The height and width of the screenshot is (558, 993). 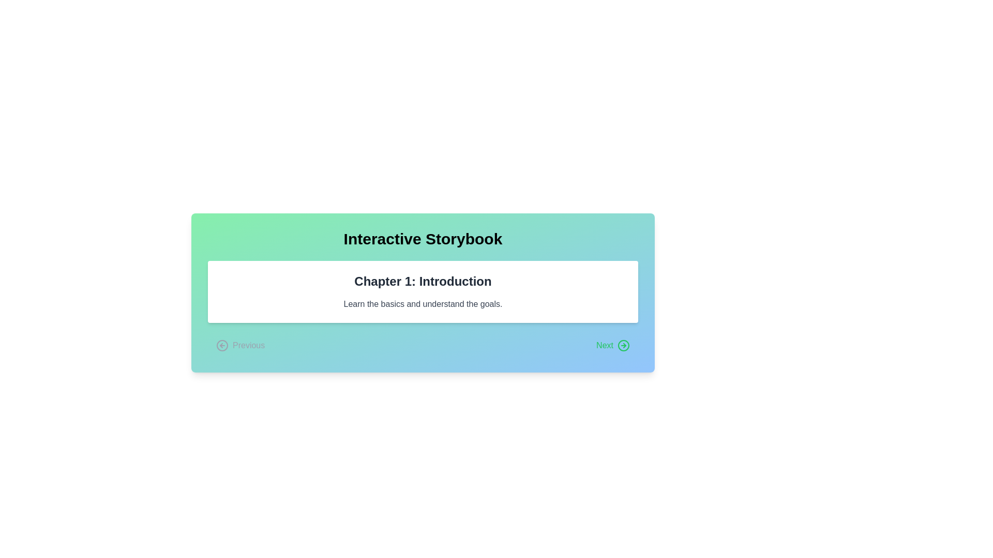 What do you see at coordinates (613, 345) in the screenshot?
I see `'Next' button to navigate to the next chapter` at bounding box center [613, 345].